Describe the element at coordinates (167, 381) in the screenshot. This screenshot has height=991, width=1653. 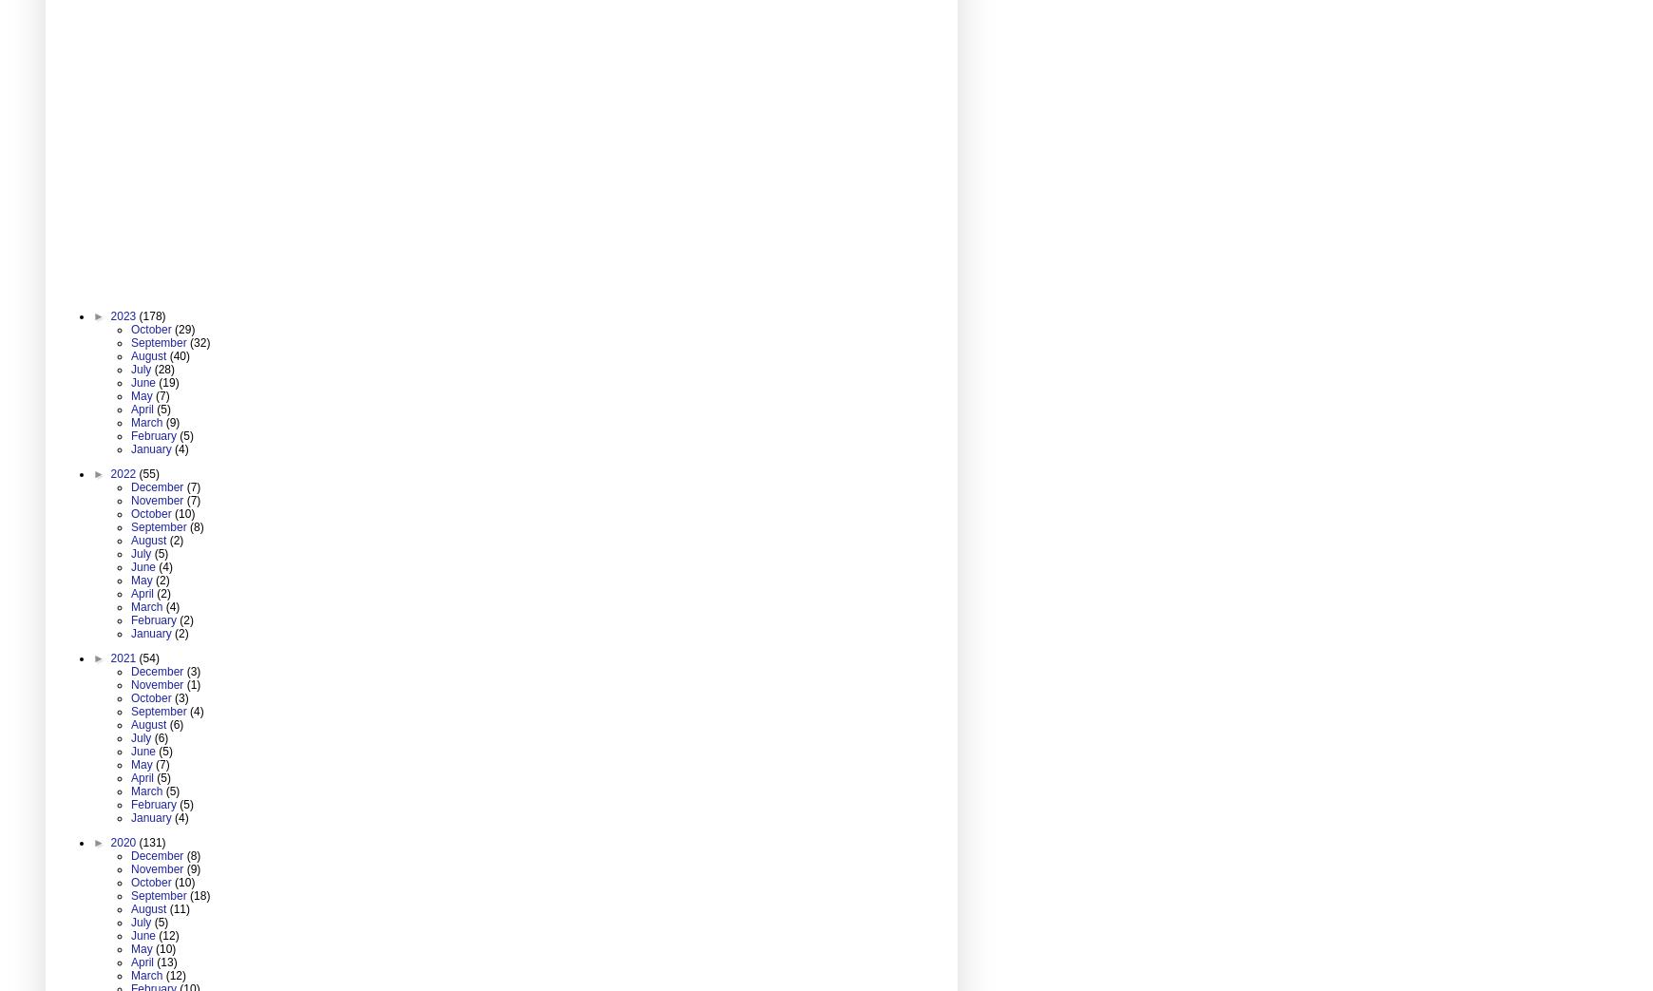
I see `'(19)'` at that location.